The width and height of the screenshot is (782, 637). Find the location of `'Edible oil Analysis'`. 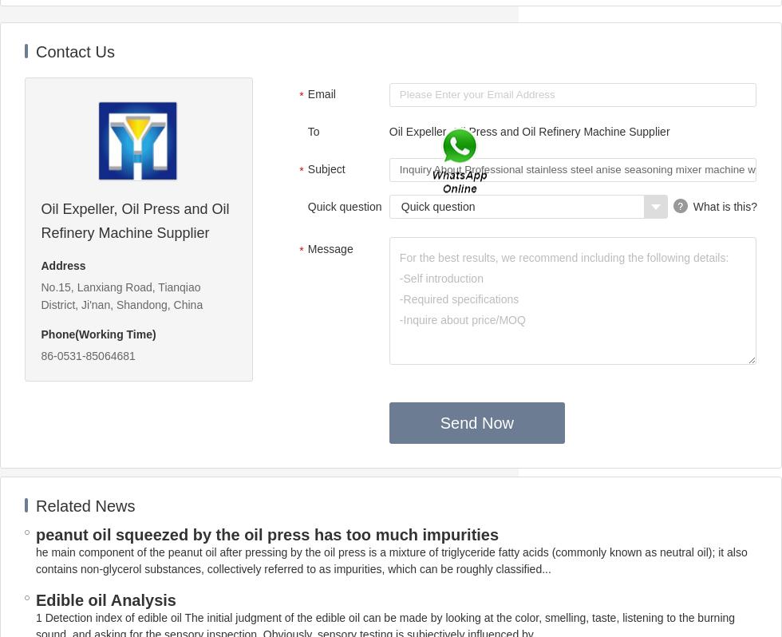

'Edible oil Analysis' is located at coordinates (105, 599).